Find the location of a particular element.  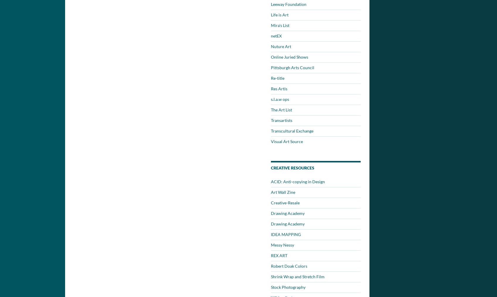

'Online Juried Shows' is located at coordinates (289, 57).